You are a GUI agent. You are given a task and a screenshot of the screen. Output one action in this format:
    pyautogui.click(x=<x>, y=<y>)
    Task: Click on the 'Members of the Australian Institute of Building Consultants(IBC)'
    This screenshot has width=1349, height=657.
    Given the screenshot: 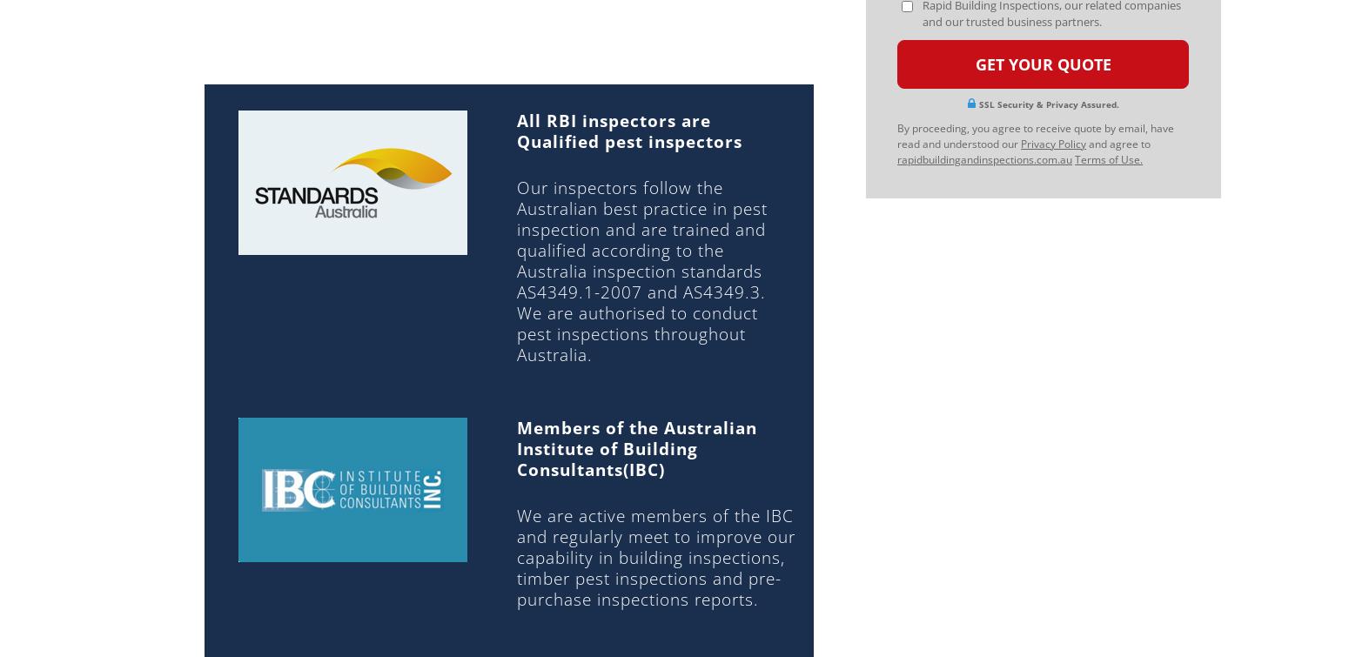 What is the action you would take?
    pyautogui.click(x=516, y=446)
    